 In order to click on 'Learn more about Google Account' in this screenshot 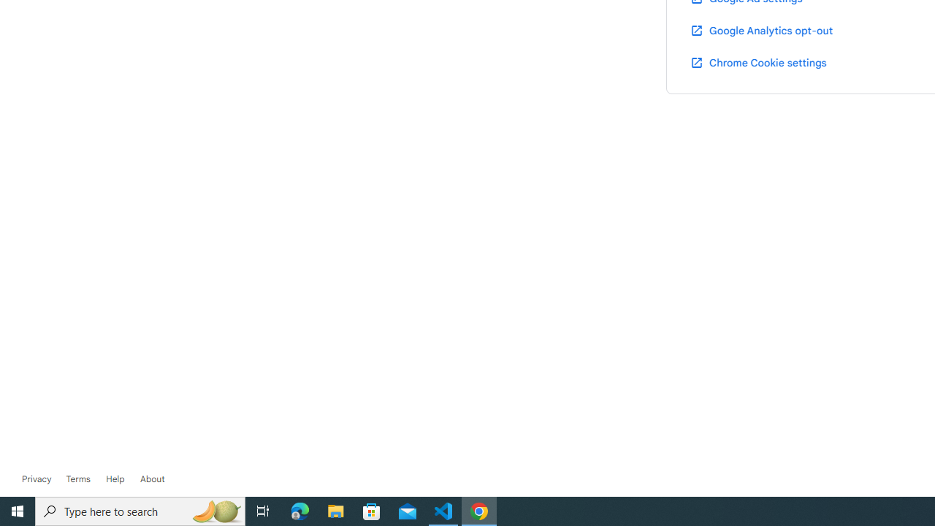, I will do `click(152, 479)`.